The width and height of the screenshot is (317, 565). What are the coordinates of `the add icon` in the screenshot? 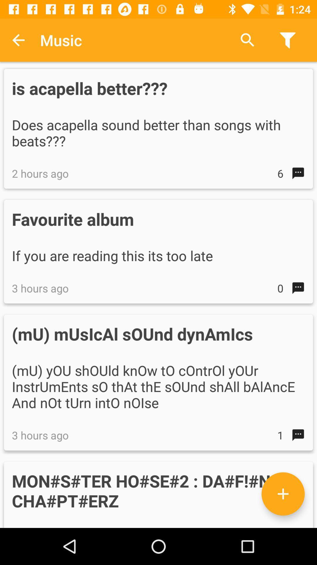 It's located at (283, 494).